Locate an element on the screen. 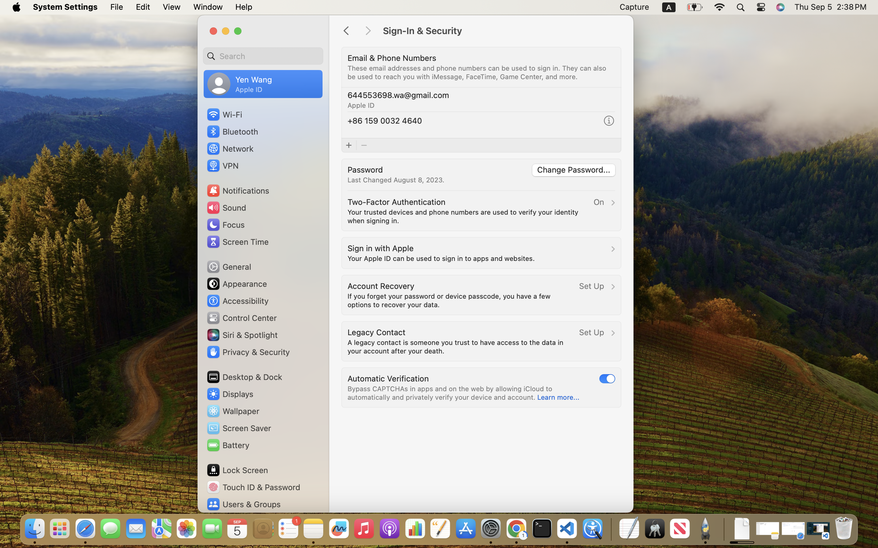 The height and width of the screenshot is (548, 878). 'Users & Groups' is located at coordinates (243, 504).